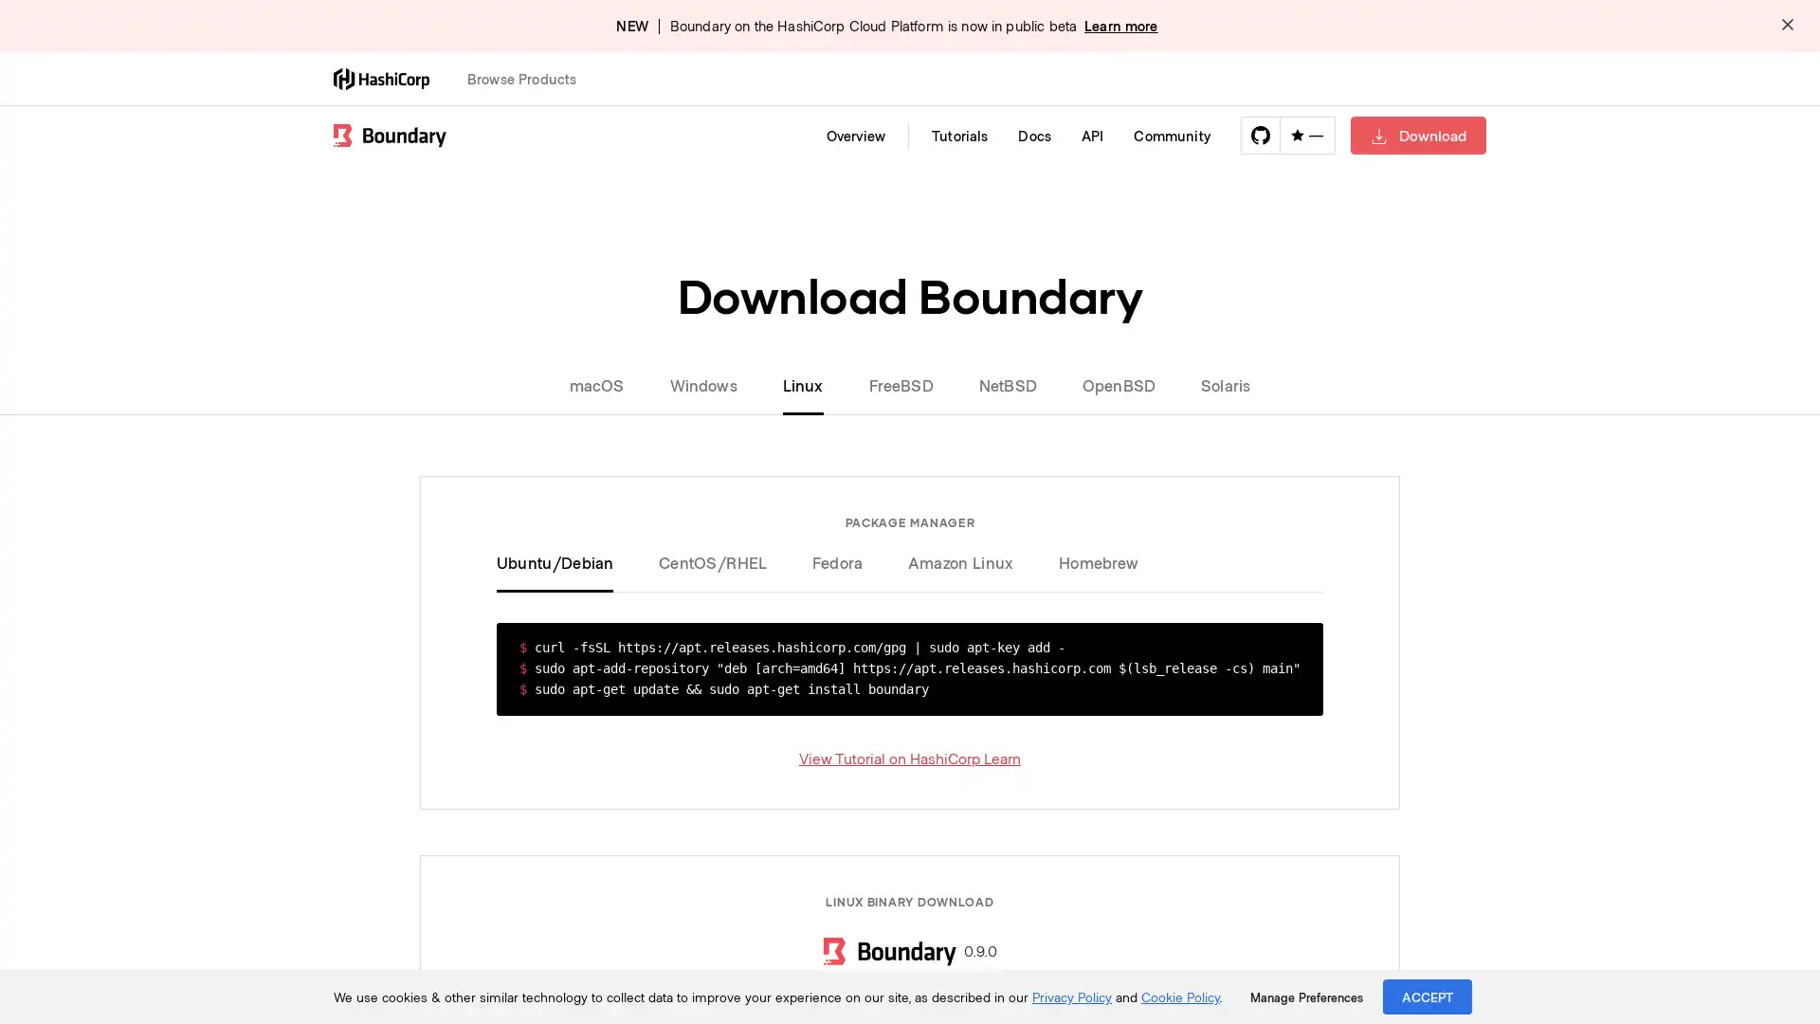 The image size is (1820, 1024). I want to click on Dismiss alert, so click(1787, 26).